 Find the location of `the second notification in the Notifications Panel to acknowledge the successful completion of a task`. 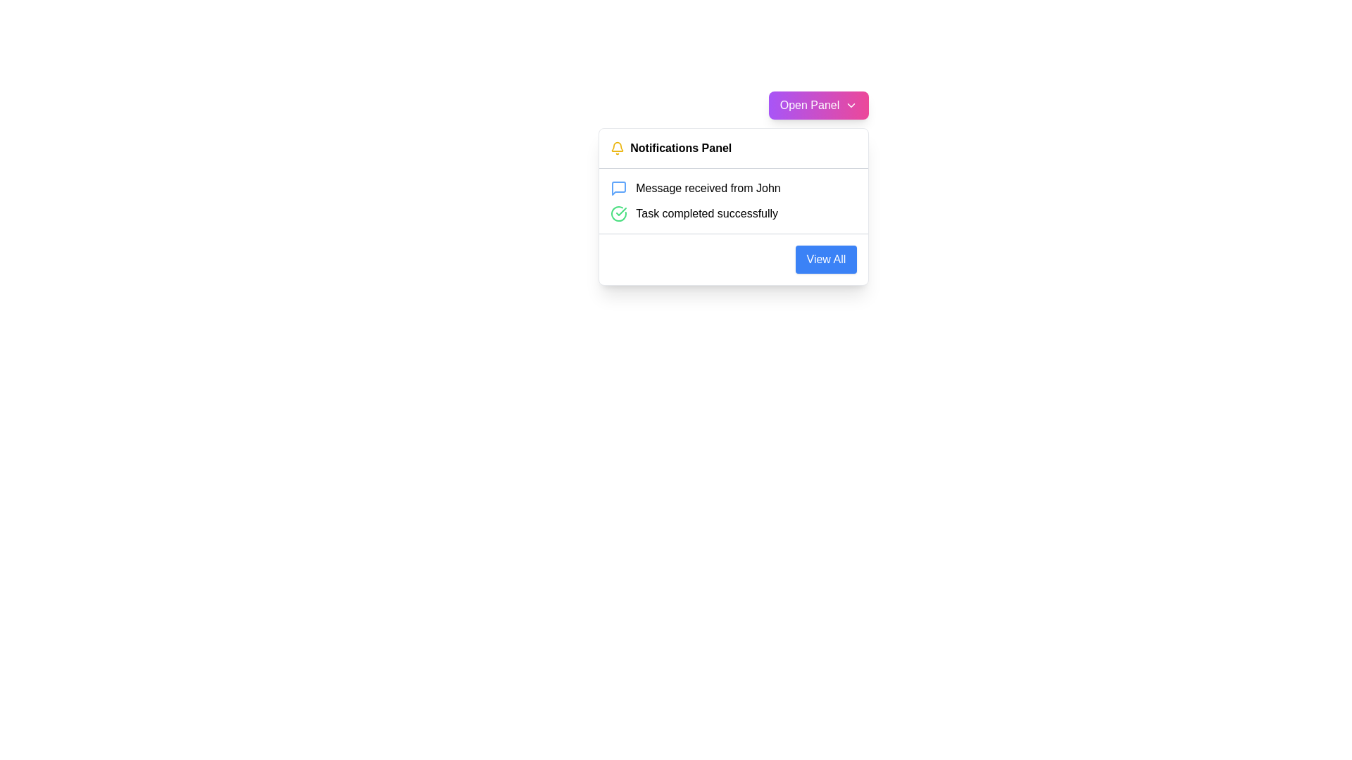

the second notification in the Notifications Panel to acknowledge the successful completion of a task is located at coordinates (732, 214).